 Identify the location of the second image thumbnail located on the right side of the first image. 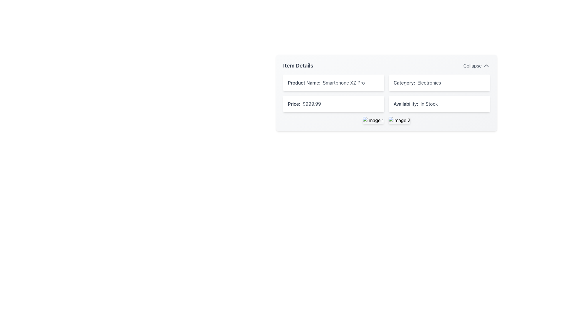
(399, 120).